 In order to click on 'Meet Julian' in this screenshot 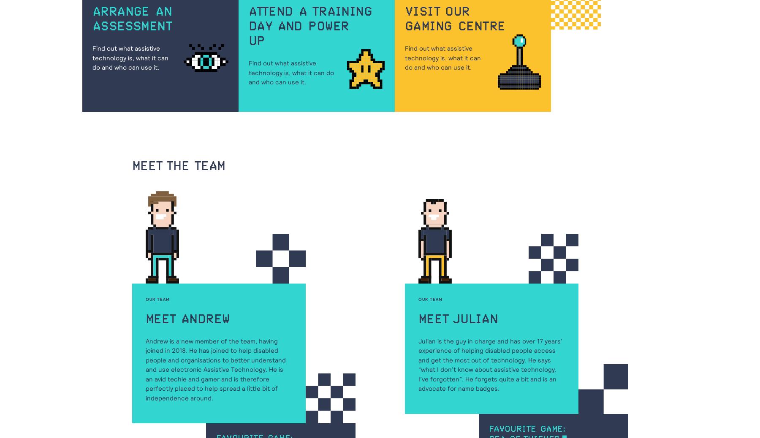, I will do `click(458, 319)`.